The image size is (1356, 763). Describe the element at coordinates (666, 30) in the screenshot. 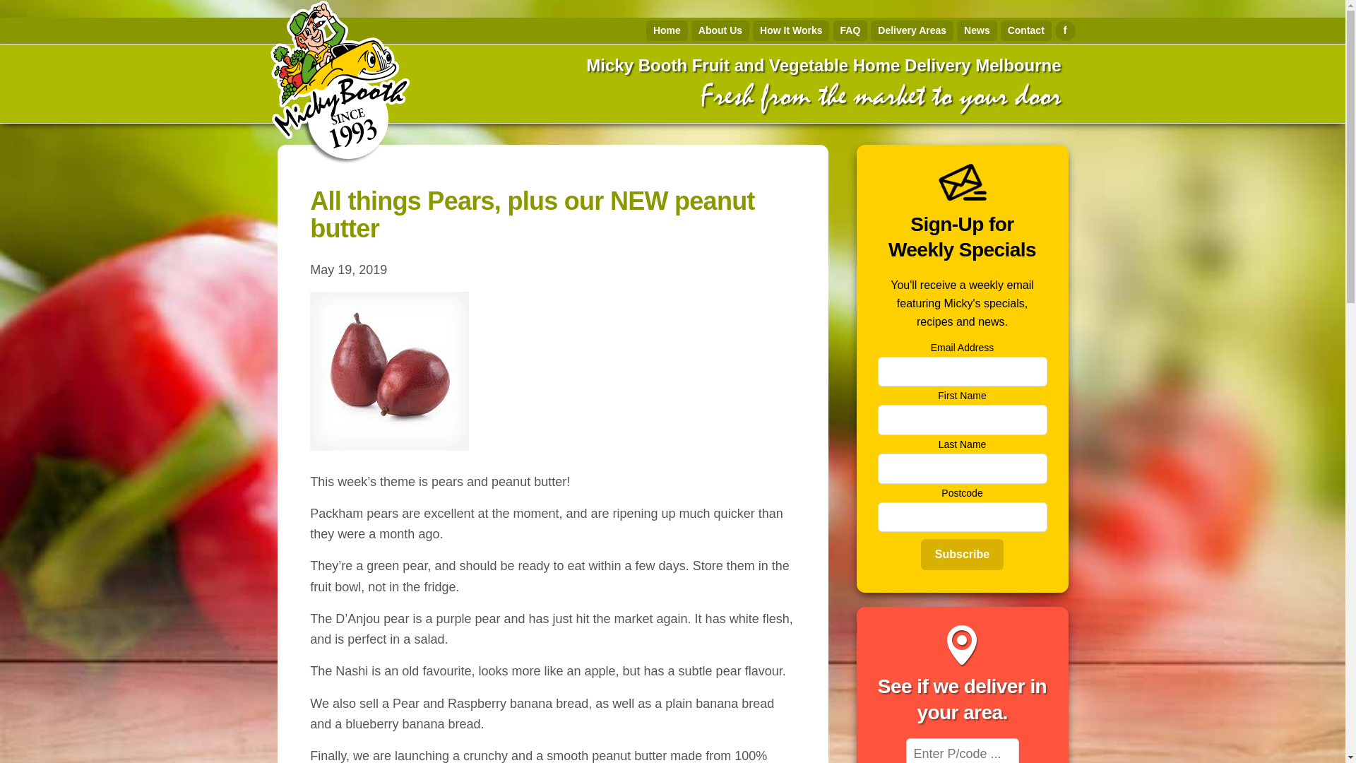

I see `'Home'` at that location.